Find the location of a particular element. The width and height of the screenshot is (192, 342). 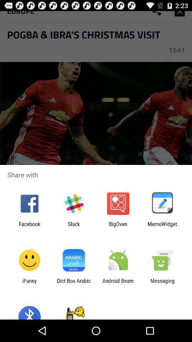

the icon to the left of bigoven icon is located at coordinates (73, 227).